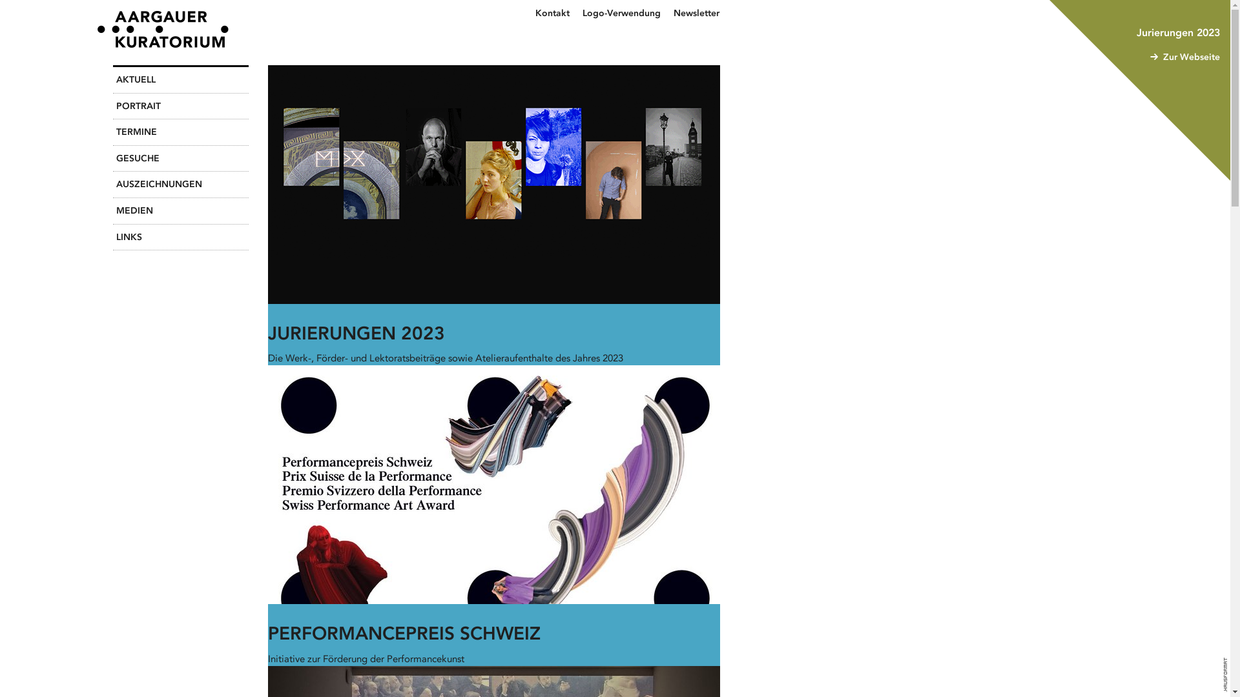 The height and width of the screenshot is (697, 1240). I want to click on 'Logo-Verwendung', so click(582, 14).